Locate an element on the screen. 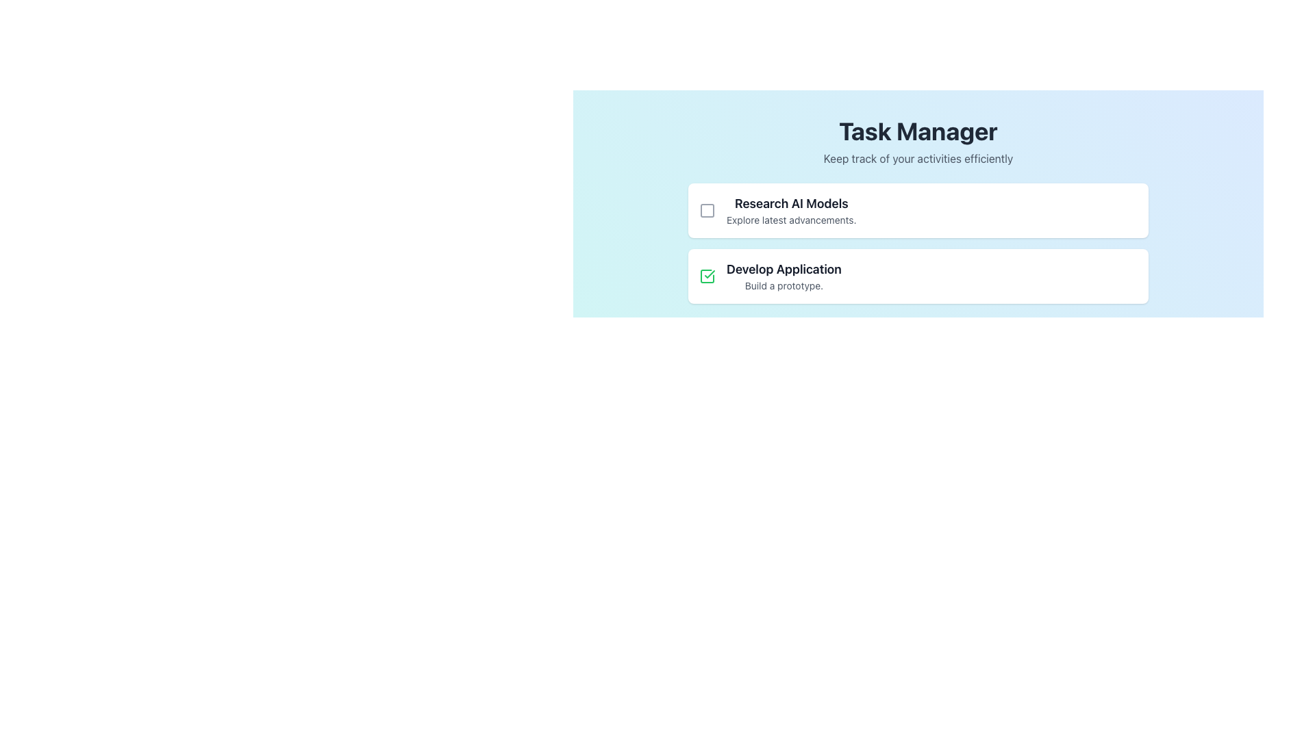  the main title text element 'Develop Application' located in the lower task card, above the text 'Build a prototype' is located at coordinates (784, 269).